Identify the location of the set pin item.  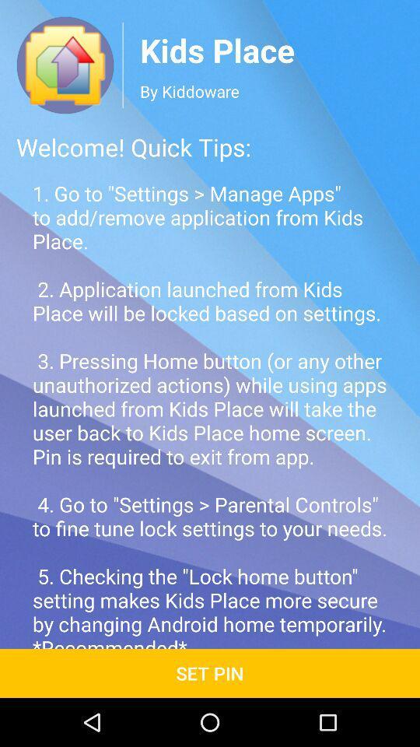
(210, 672).